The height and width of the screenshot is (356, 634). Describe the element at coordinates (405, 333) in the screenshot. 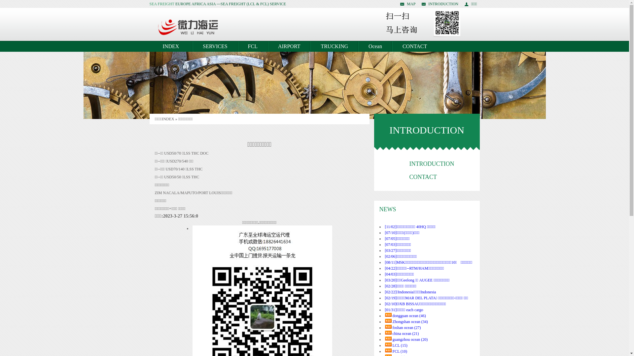

I see `'china ocean (21)'` at that location.